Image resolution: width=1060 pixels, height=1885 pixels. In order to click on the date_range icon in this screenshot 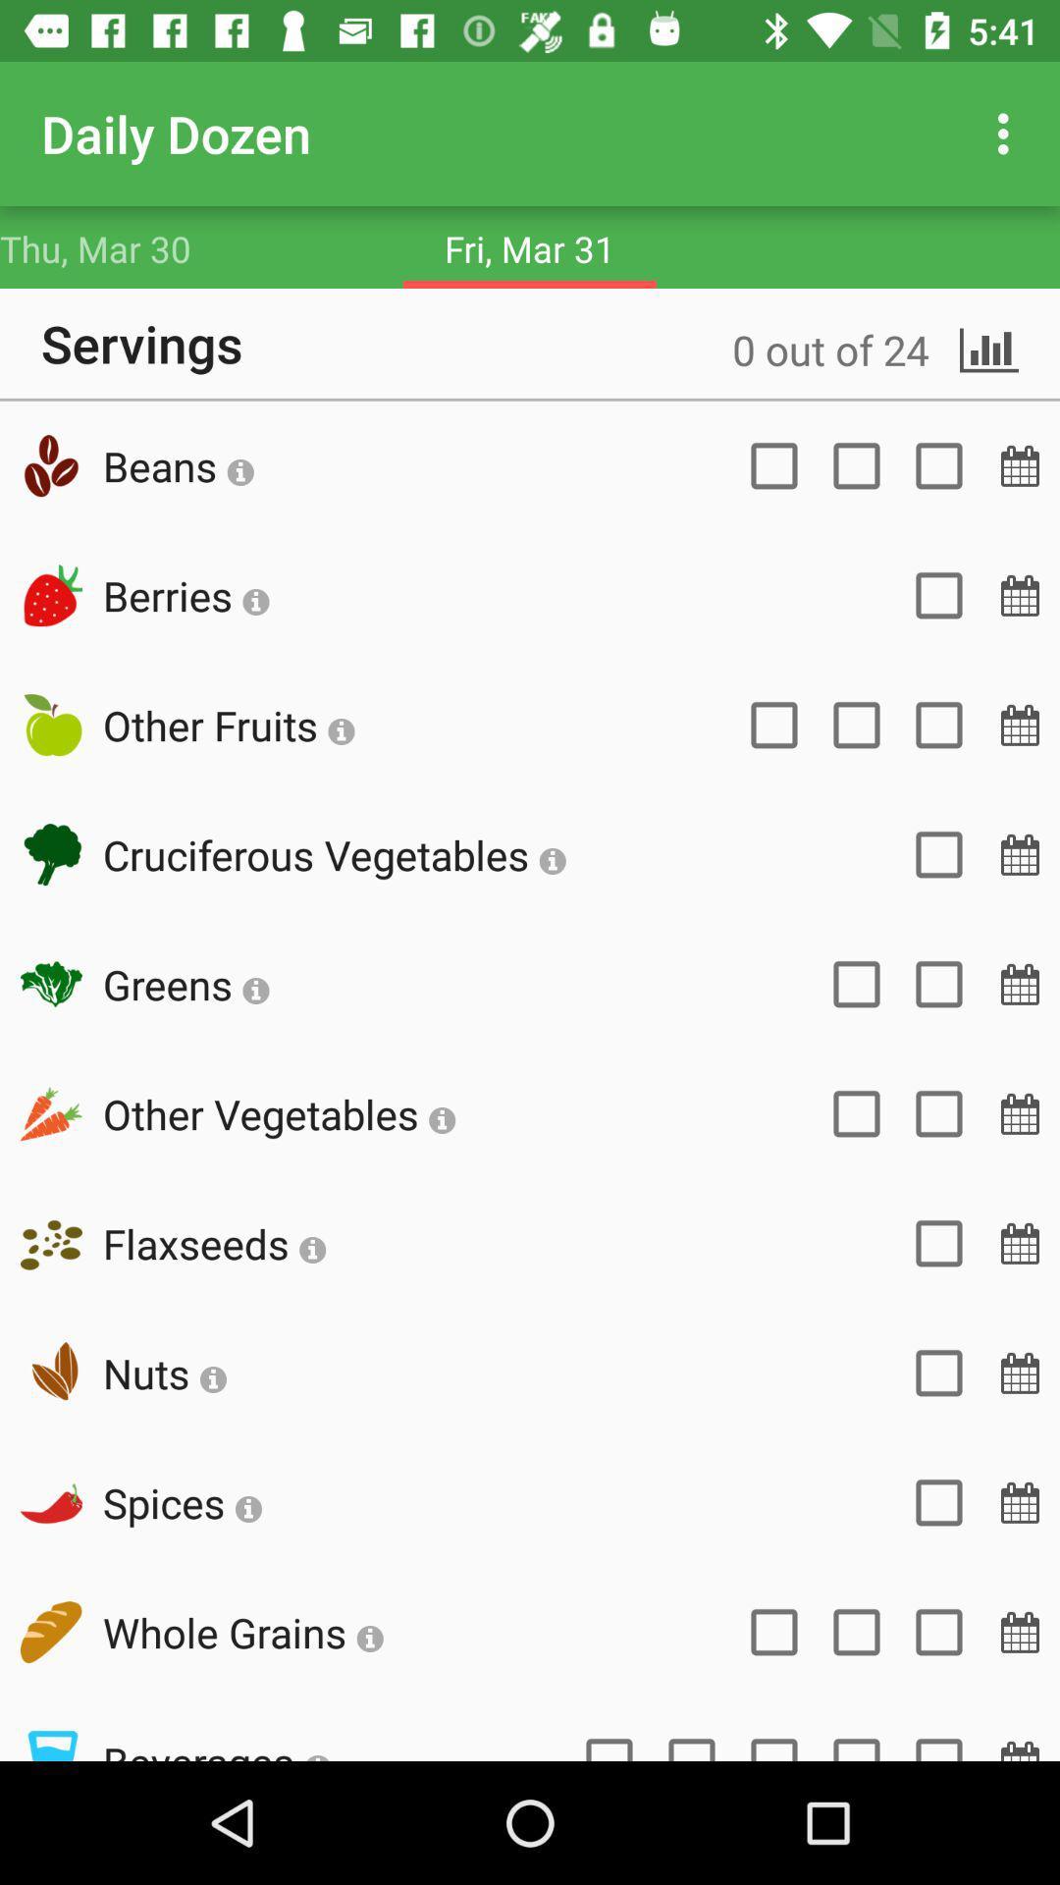, I will do `click(1019, 1632)`.